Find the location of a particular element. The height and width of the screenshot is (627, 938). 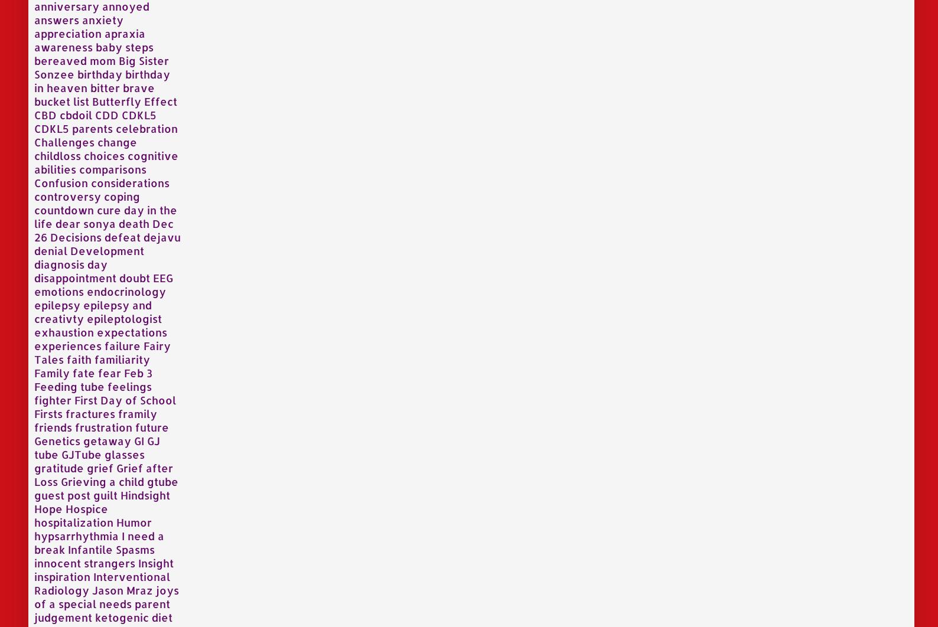

'doubt' is located at coordinates (135, 276).